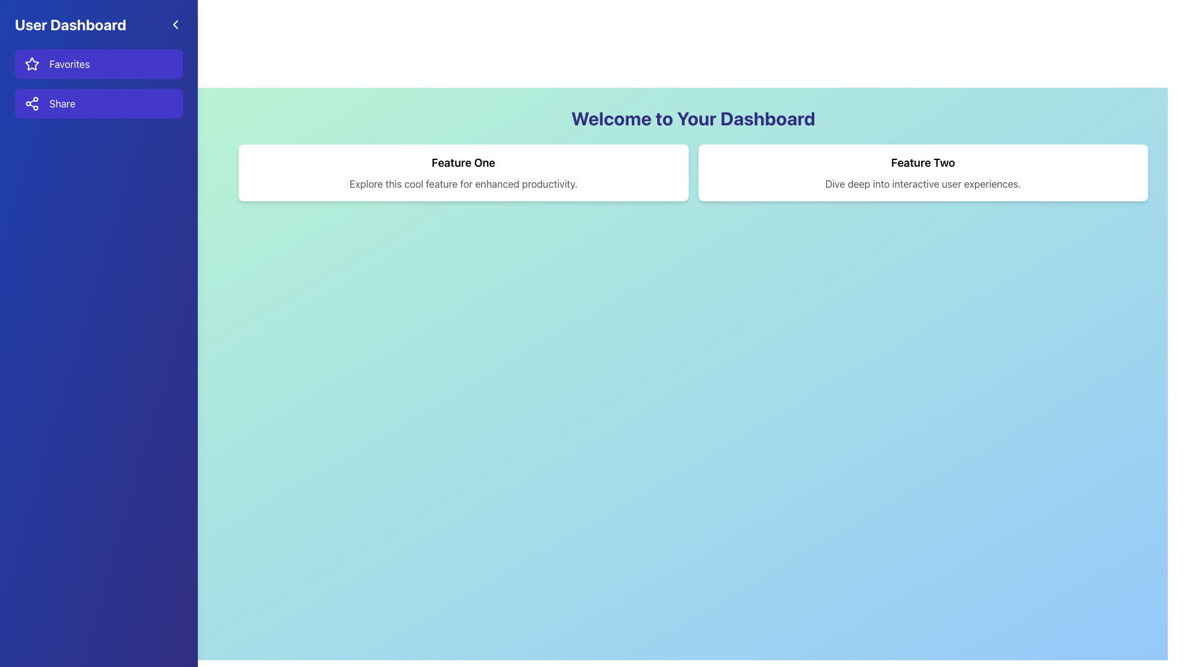  What do you see at coordinates (69, 64) in the screenshot?
I see `text from the 'Favorites' text label, which is styled in white on an indigo background and positioned above the 'Share' button in the left vertical navigation menu` at bounding box center [69, 64].